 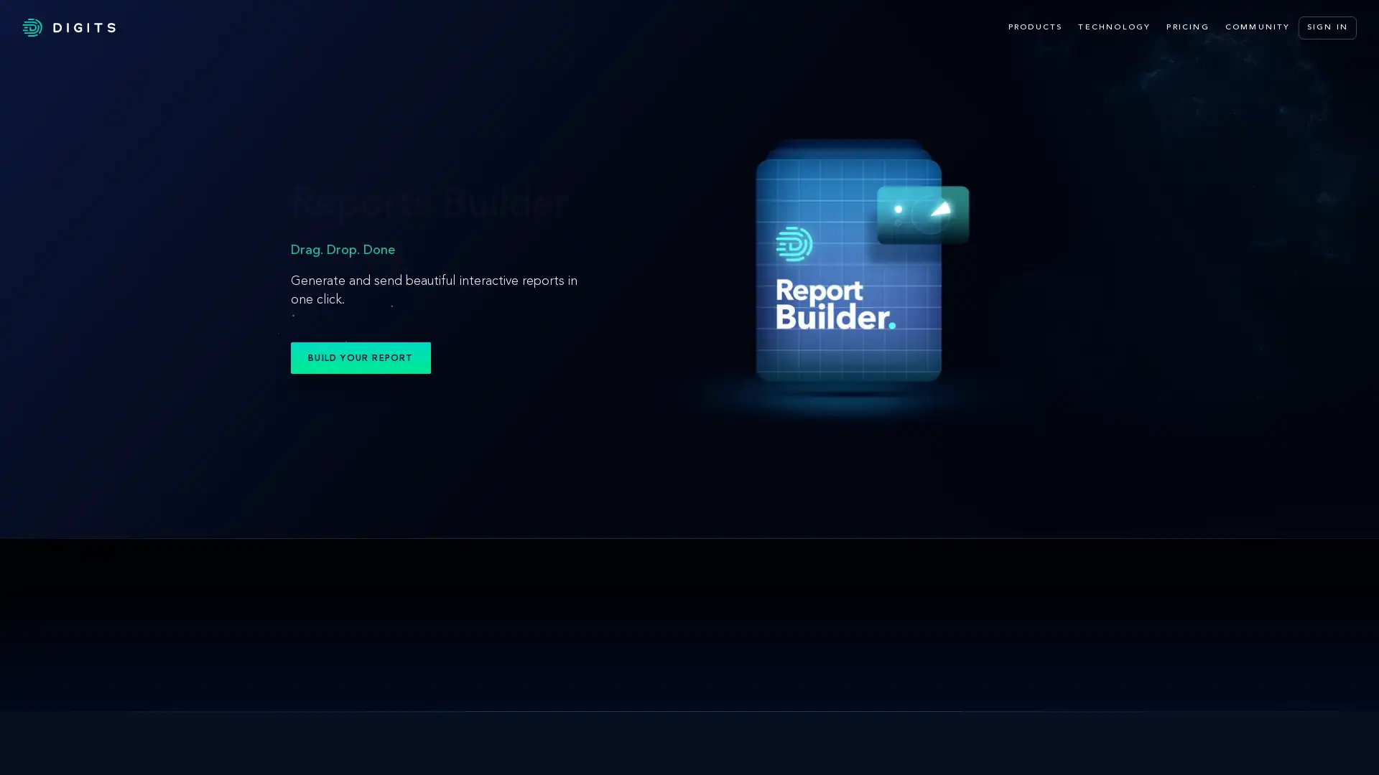 I want to click on TECHNOLOGY, so click(x=1113, y=27).